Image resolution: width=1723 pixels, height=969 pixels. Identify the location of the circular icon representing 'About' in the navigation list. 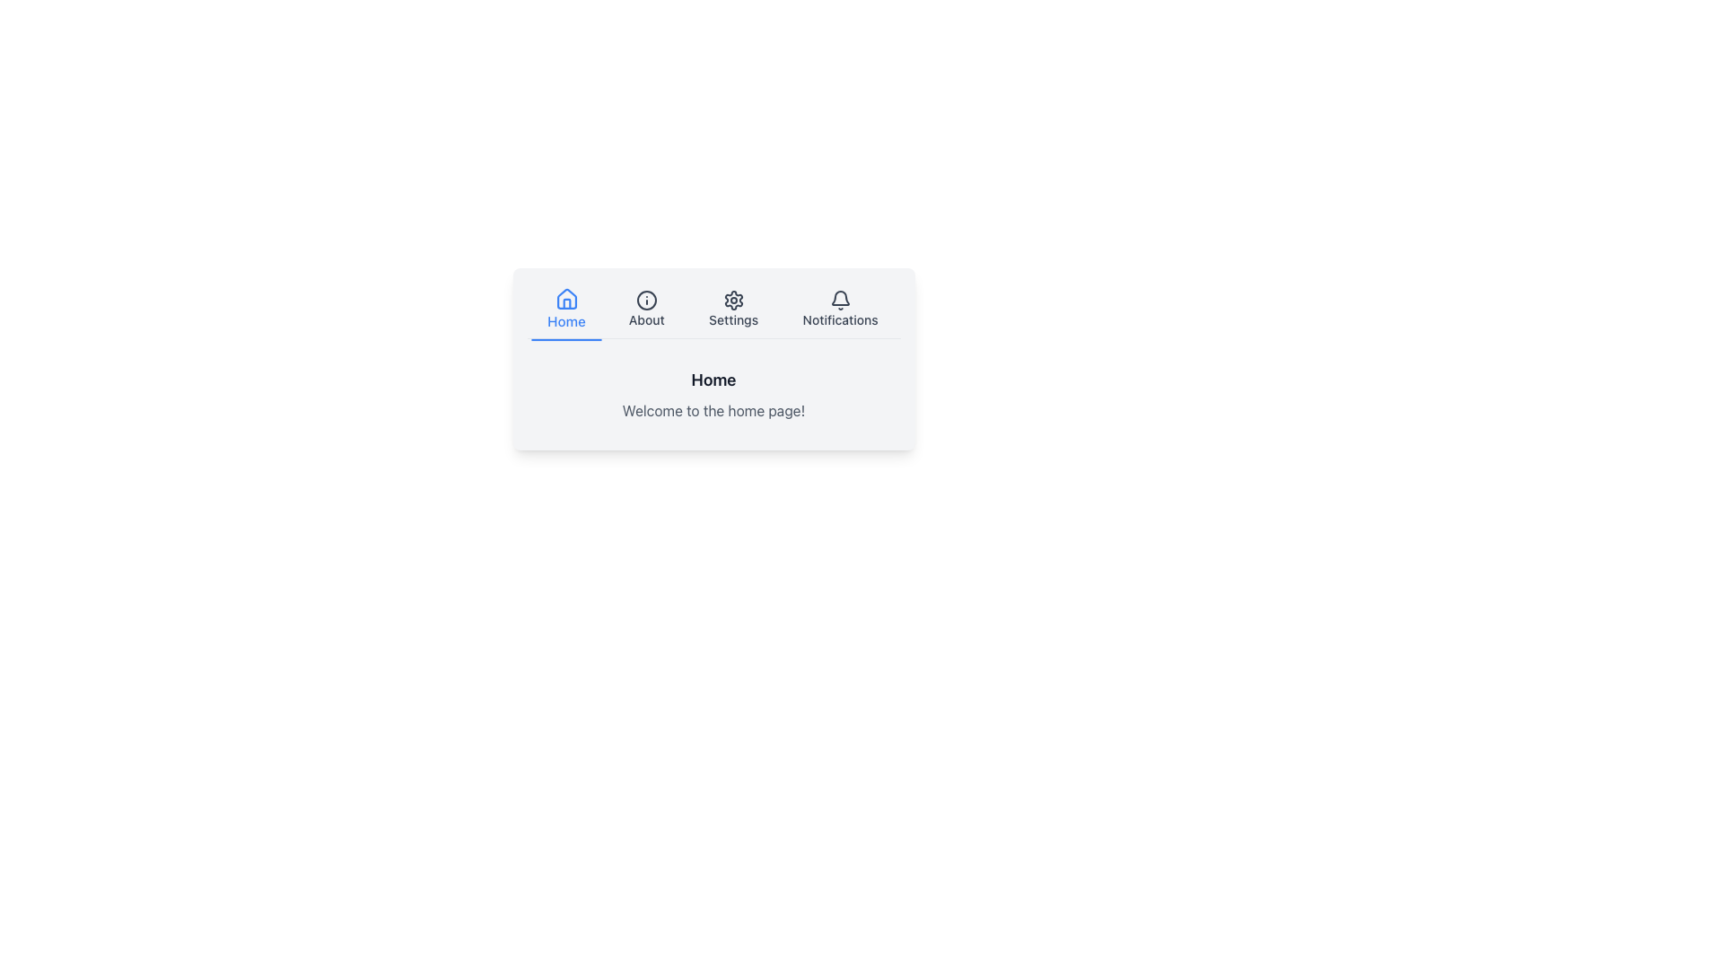
(646, 300).